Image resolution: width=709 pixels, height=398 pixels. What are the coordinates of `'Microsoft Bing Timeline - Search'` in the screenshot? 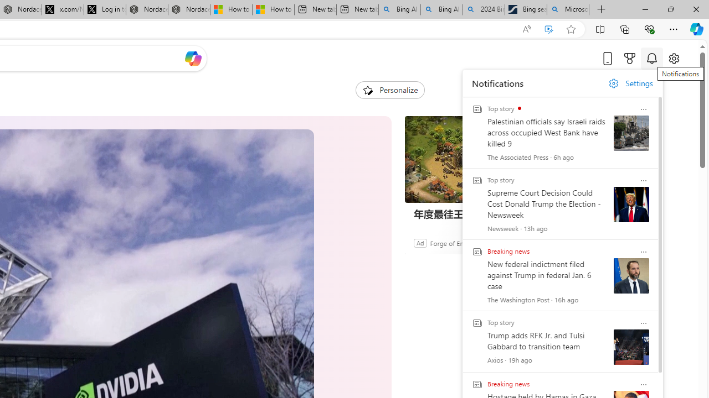 It's located at (568, 9).